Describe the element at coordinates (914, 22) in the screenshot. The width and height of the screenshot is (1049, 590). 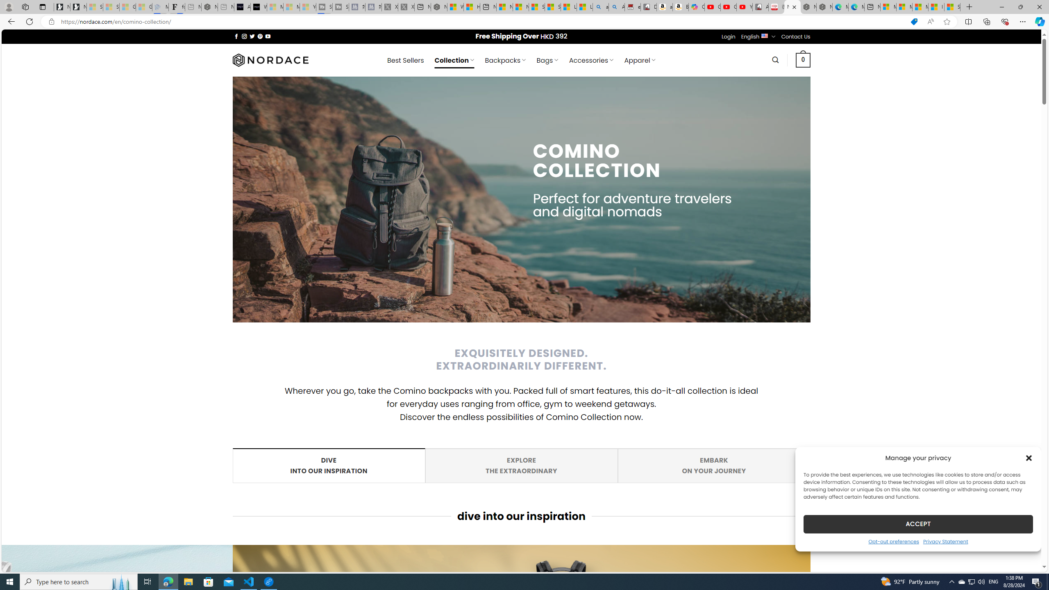
I see `'This site has coupons! Shopping in Microsoft Edge'` at that location.